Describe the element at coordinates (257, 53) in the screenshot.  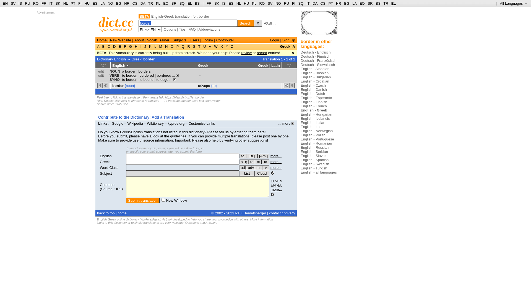
I see `'record'` at that location.